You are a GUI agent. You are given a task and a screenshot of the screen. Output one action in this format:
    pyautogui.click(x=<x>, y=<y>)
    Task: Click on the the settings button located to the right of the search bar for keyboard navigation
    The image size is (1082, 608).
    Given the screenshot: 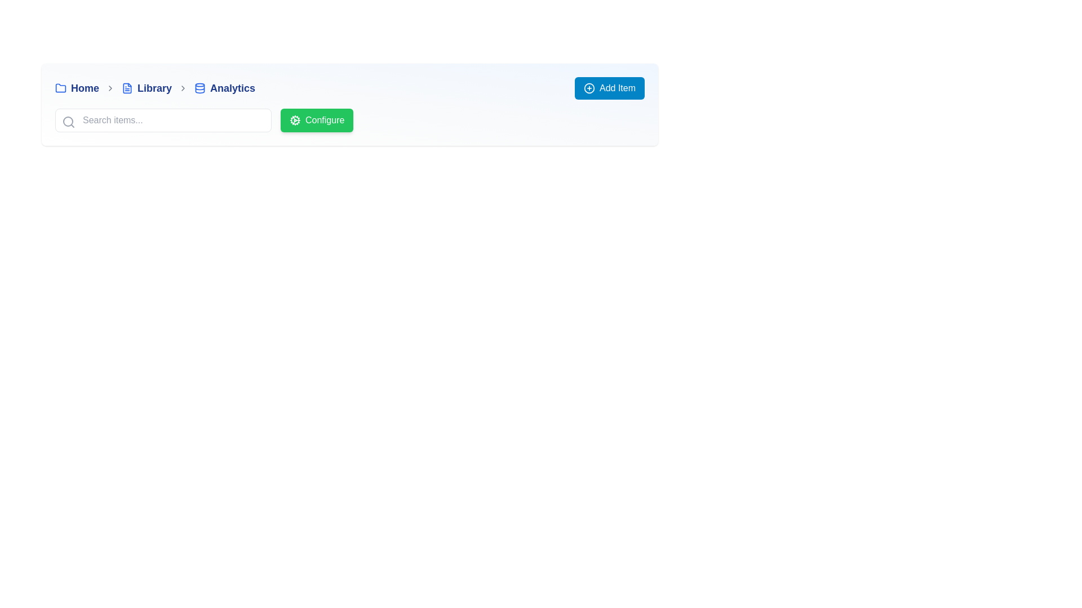 What is the action you would take?
    pyautogui.click(x=349, y=120)
    